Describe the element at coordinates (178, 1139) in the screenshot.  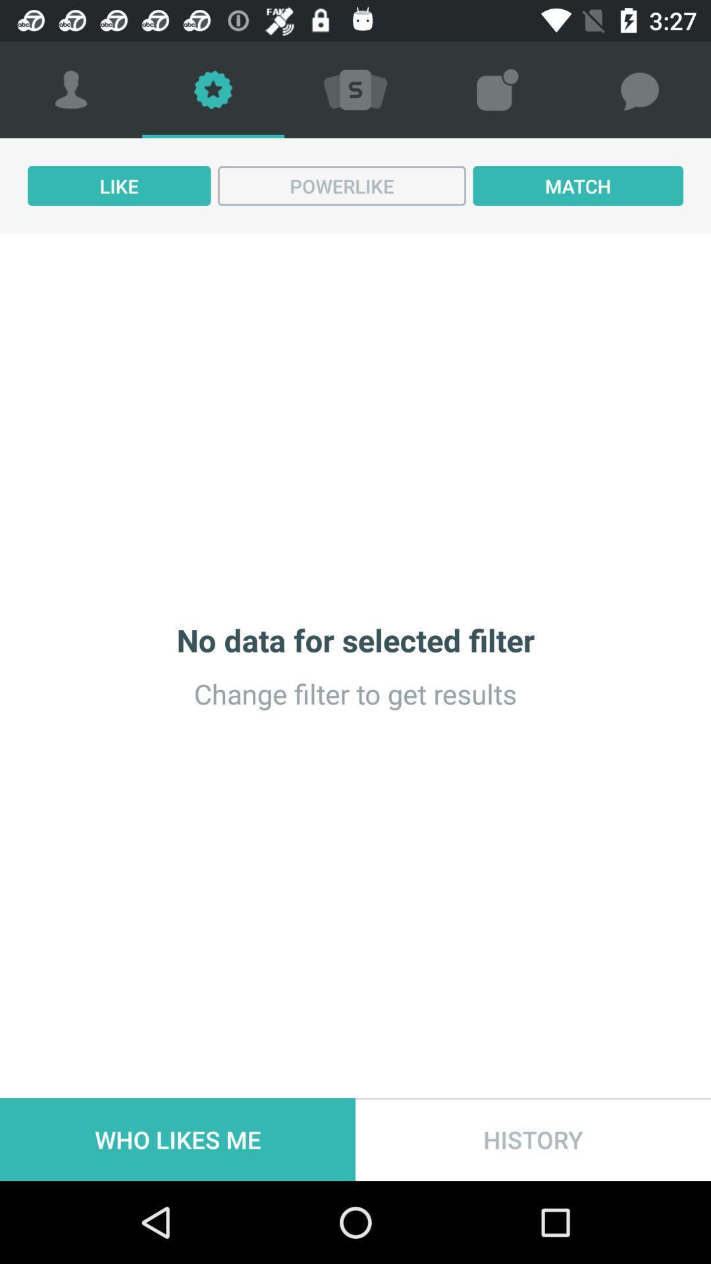
I see `the icon next to the history icon` at that location.